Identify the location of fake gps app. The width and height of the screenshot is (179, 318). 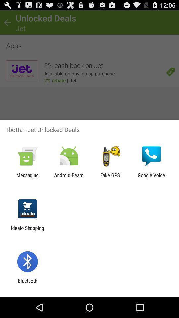
(110, 178).